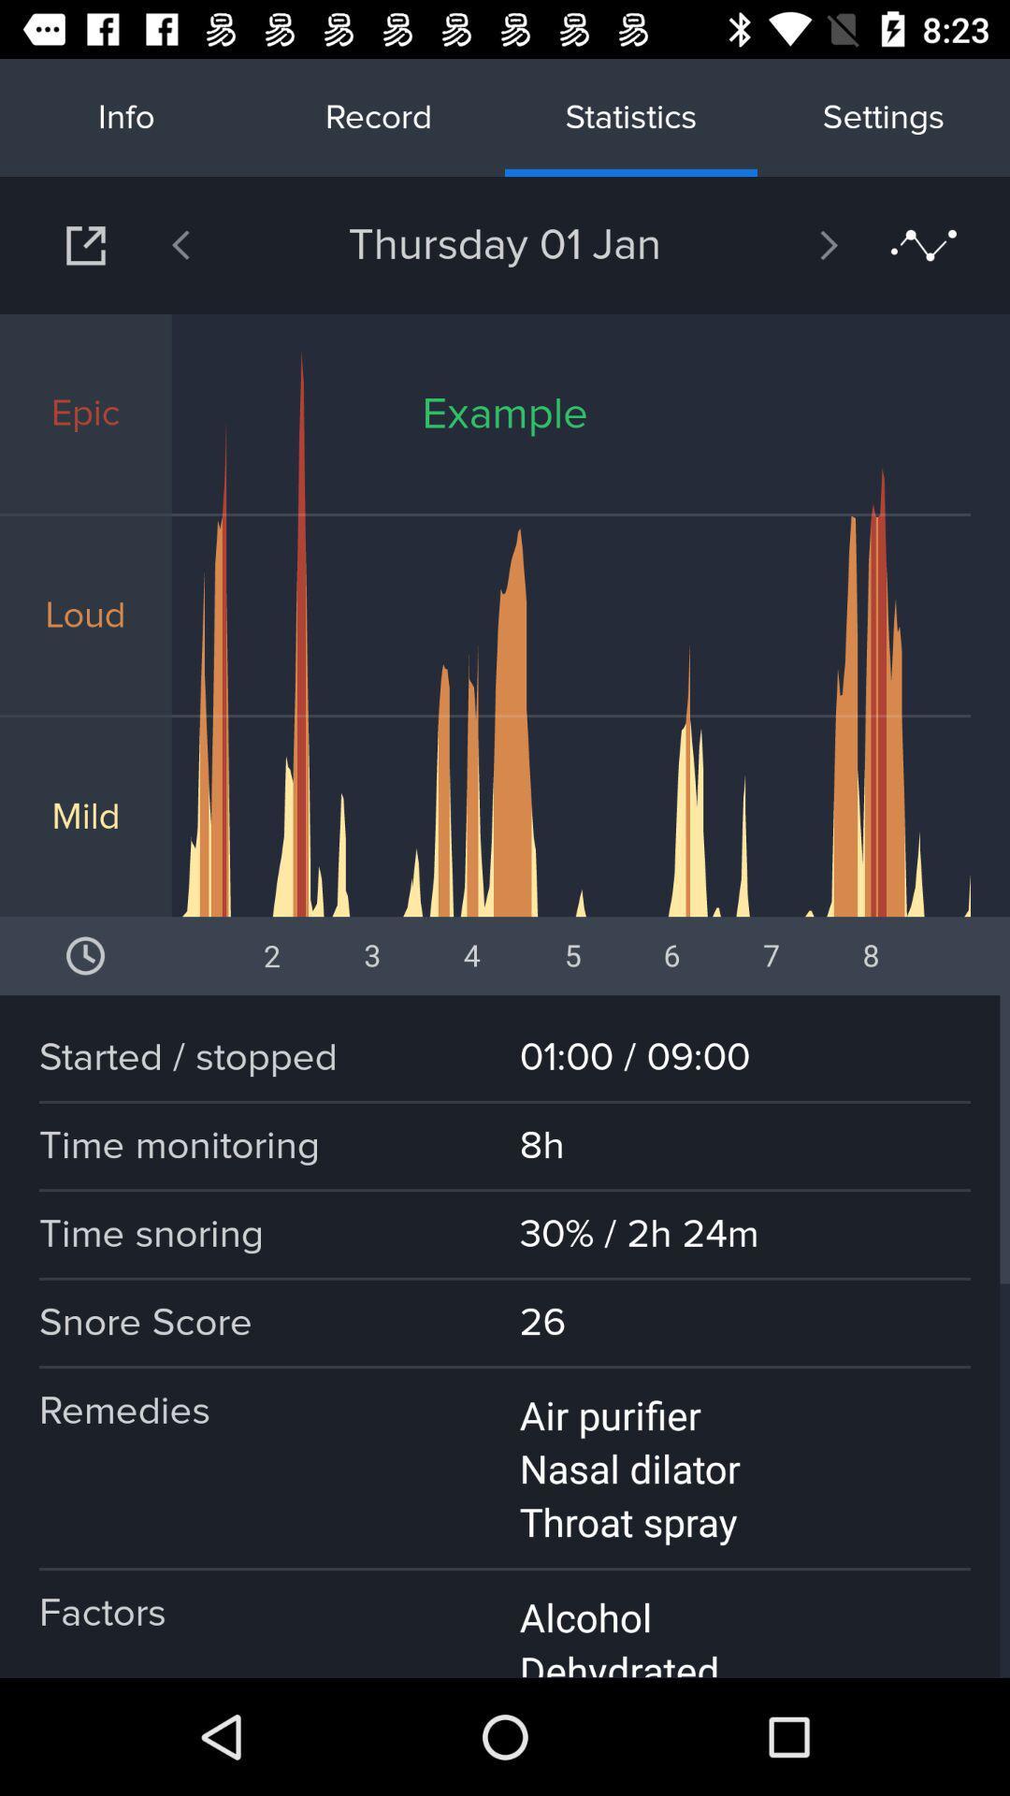  Describe the element at coordinates (780, 244) in the screenshot. I see `next day` at that location.